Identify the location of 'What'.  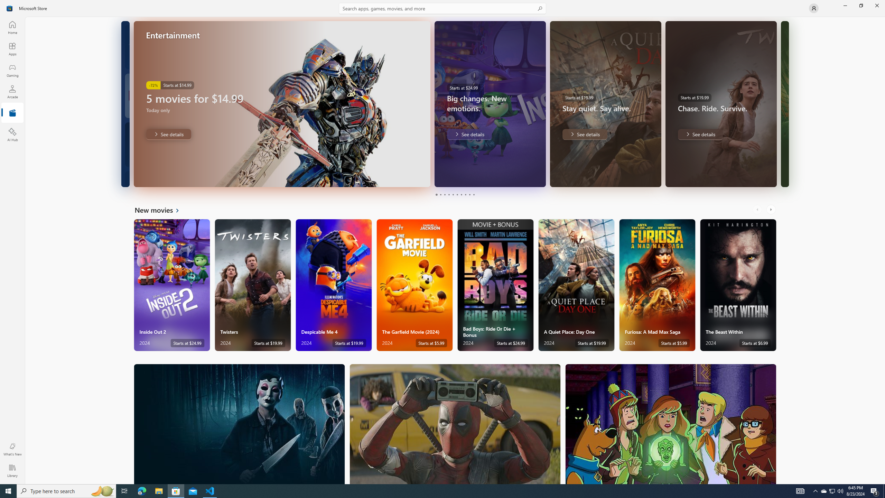
(12, 449).